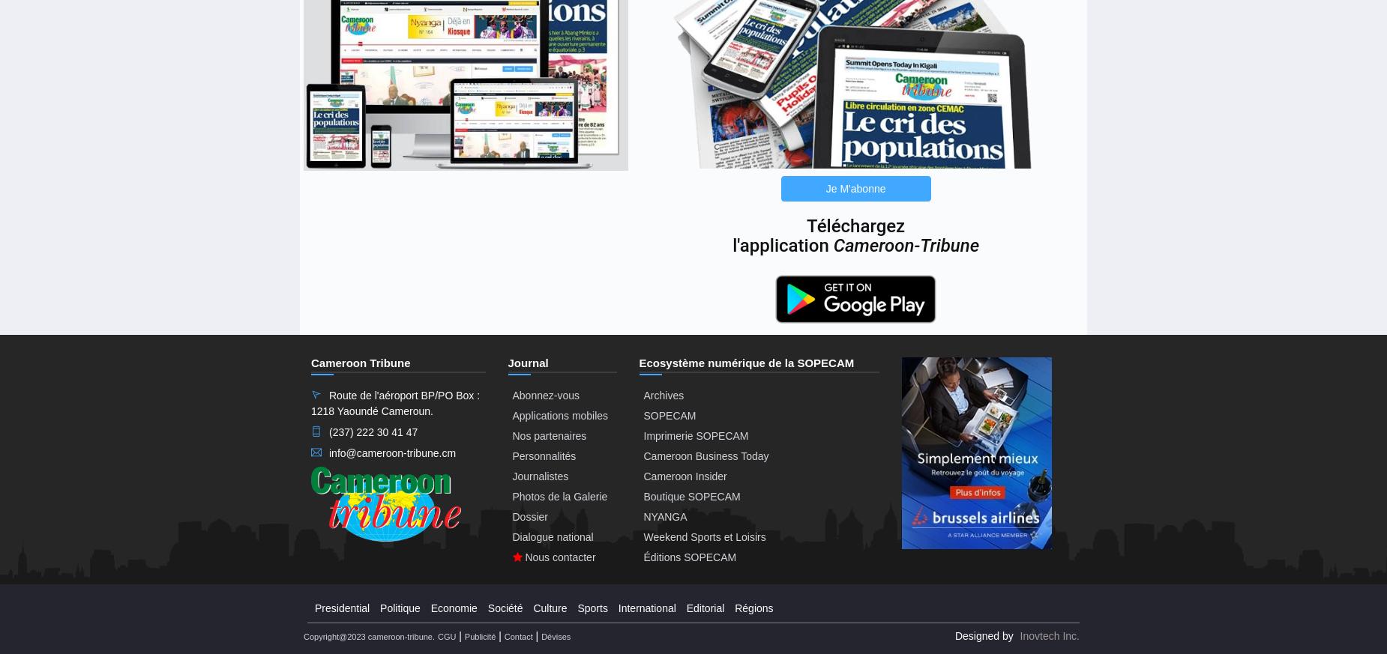 The height and width of the screenshot is (654, 1387). I want to click on 'info@cameroon-tribune.cm', so click(392, 452).